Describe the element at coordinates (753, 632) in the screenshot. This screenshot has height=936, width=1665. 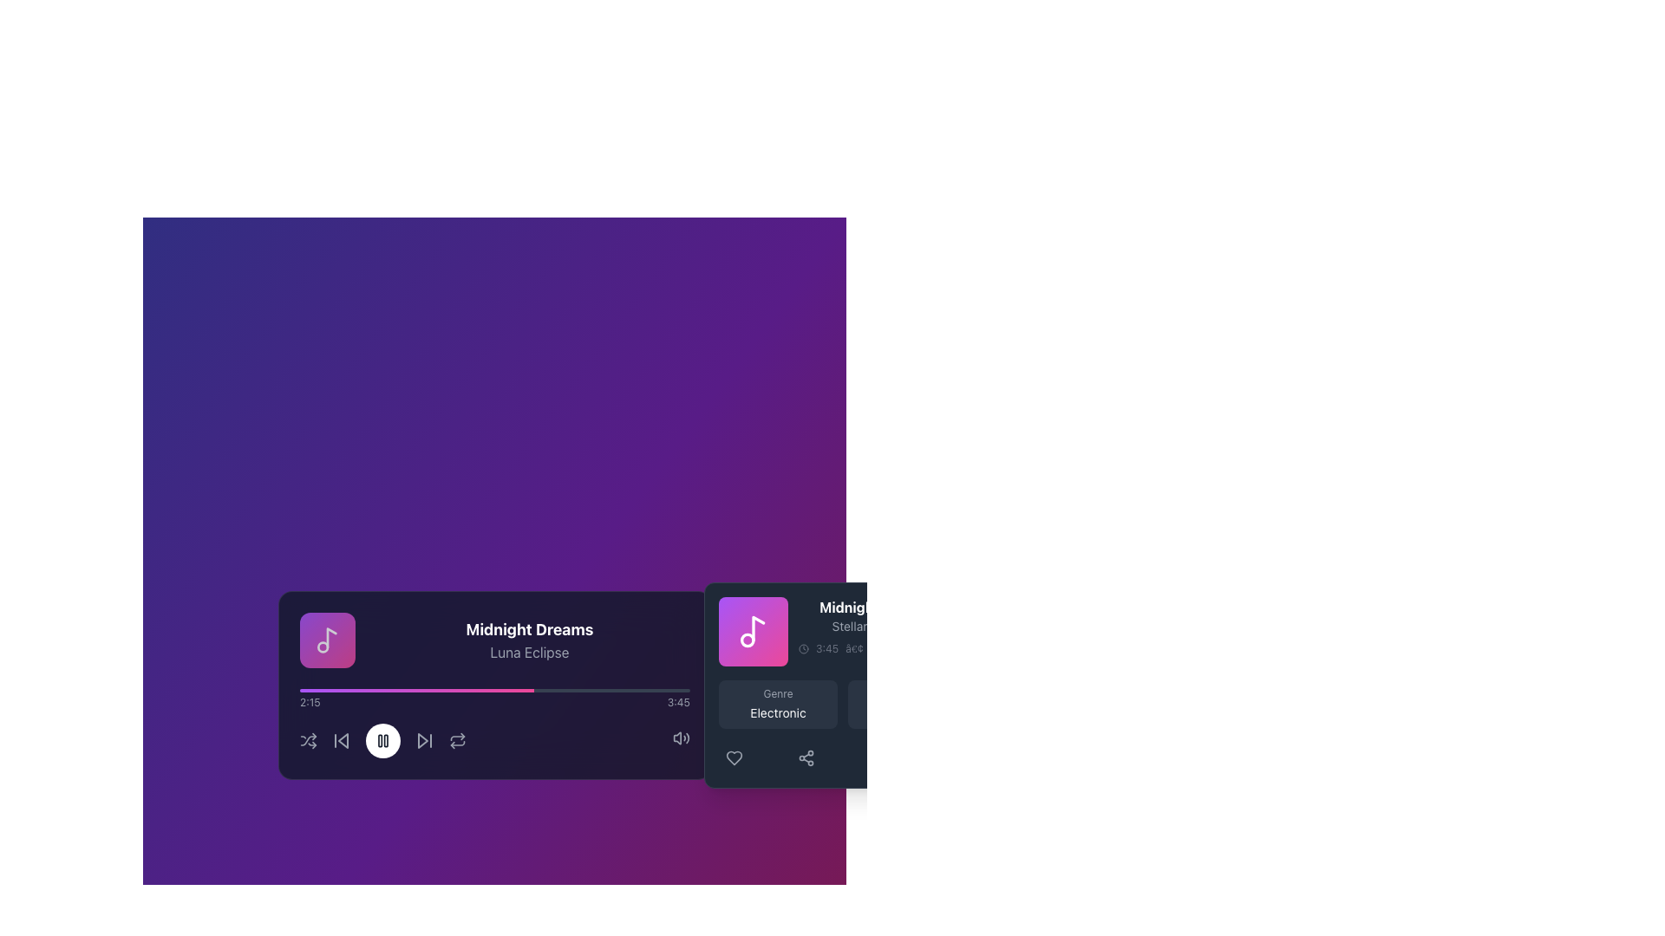
I see `the thumbnail icon for the music item 'Midnight Dreams'` at that location.